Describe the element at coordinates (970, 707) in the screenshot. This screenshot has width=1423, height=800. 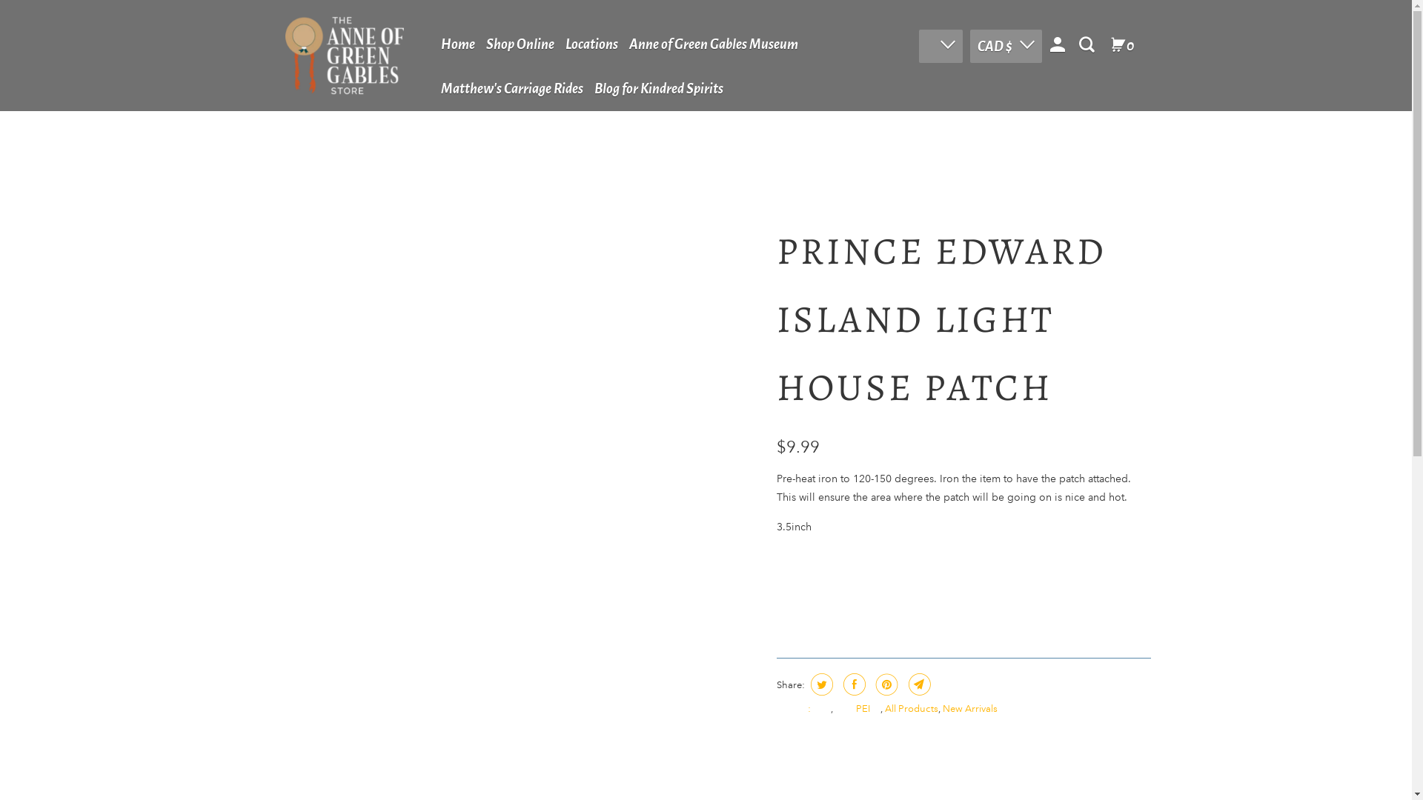
I see `'New Arrivals'` at that location.